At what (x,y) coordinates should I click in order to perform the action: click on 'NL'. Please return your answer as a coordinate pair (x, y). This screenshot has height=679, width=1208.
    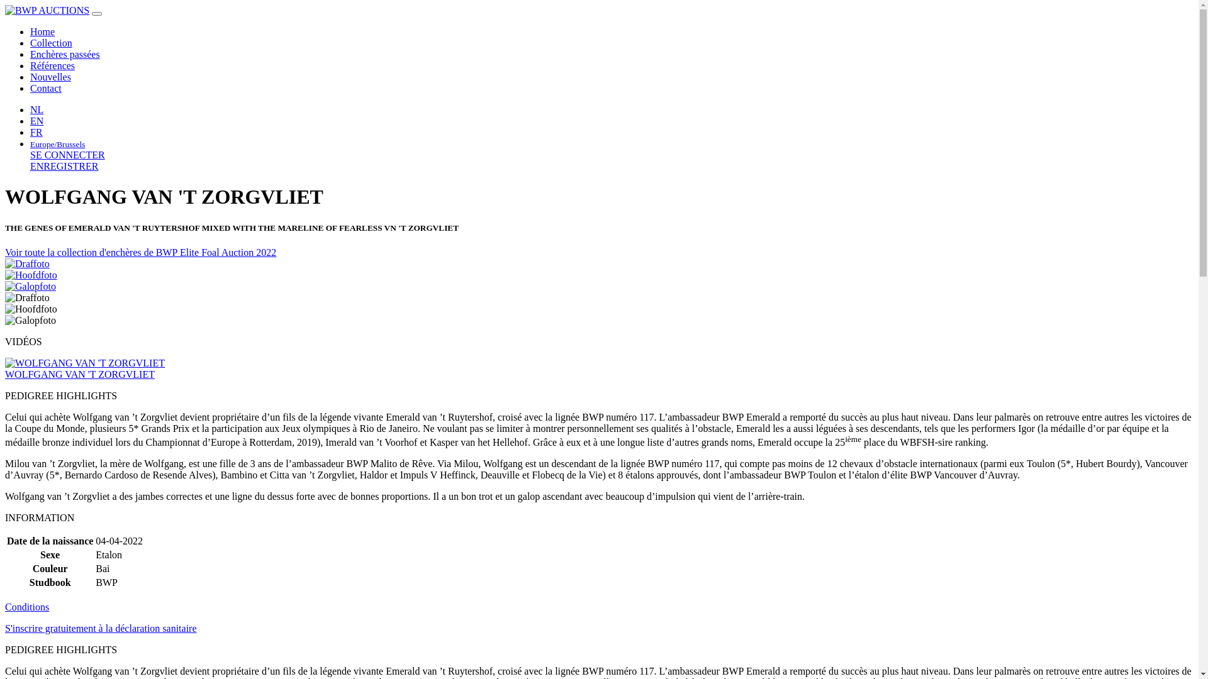
    Looking at the image, I should click on (36, 109).